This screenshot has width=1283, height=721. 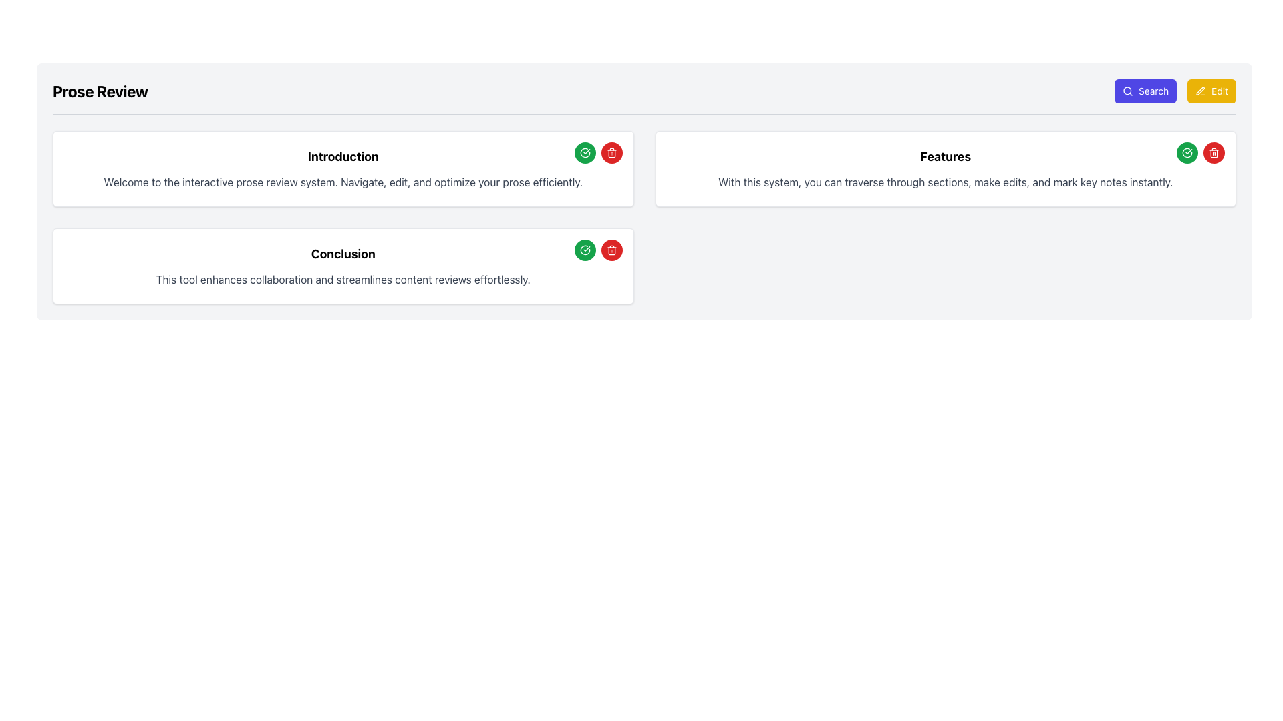 I want to click on the search icon located within the purple button labeled 'Search' in the top-right corner of the interface, so click(x=1127, y=91).